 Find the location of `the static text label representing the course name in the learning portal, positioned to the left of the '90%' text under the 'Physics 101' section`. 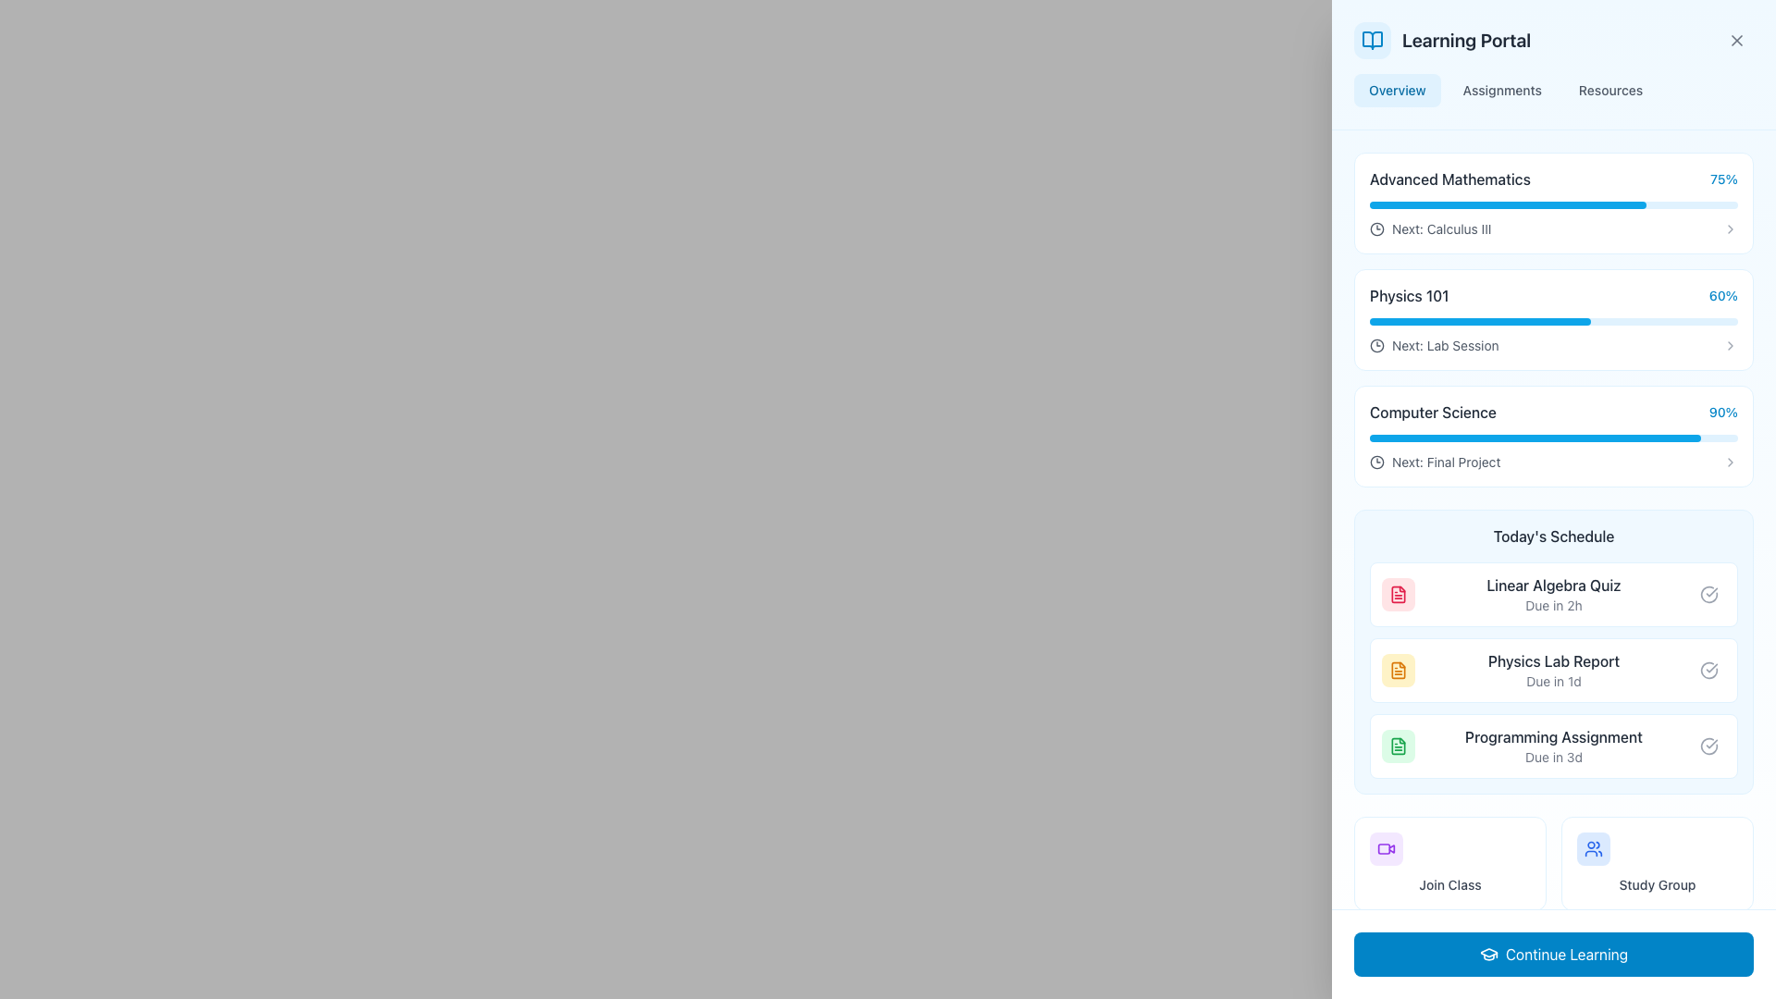

the static text label representing the course name in the learning portal, positioned to the left of the '90%' text under the 'Physics 101' section is located at coordinates (1432, 412).